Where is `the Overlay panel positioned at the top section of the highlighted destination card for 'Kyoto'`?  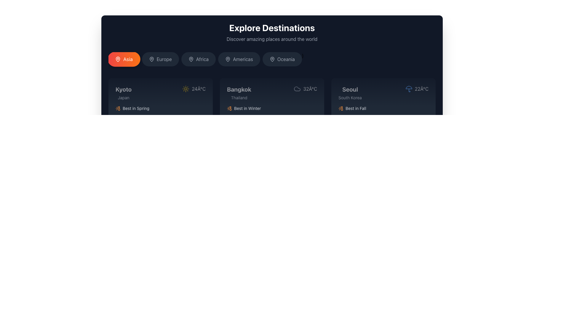
the Overlay panel positioned at the top section of the highlighted destination card for 'Kyoto' is located at coordinates (161, 92).